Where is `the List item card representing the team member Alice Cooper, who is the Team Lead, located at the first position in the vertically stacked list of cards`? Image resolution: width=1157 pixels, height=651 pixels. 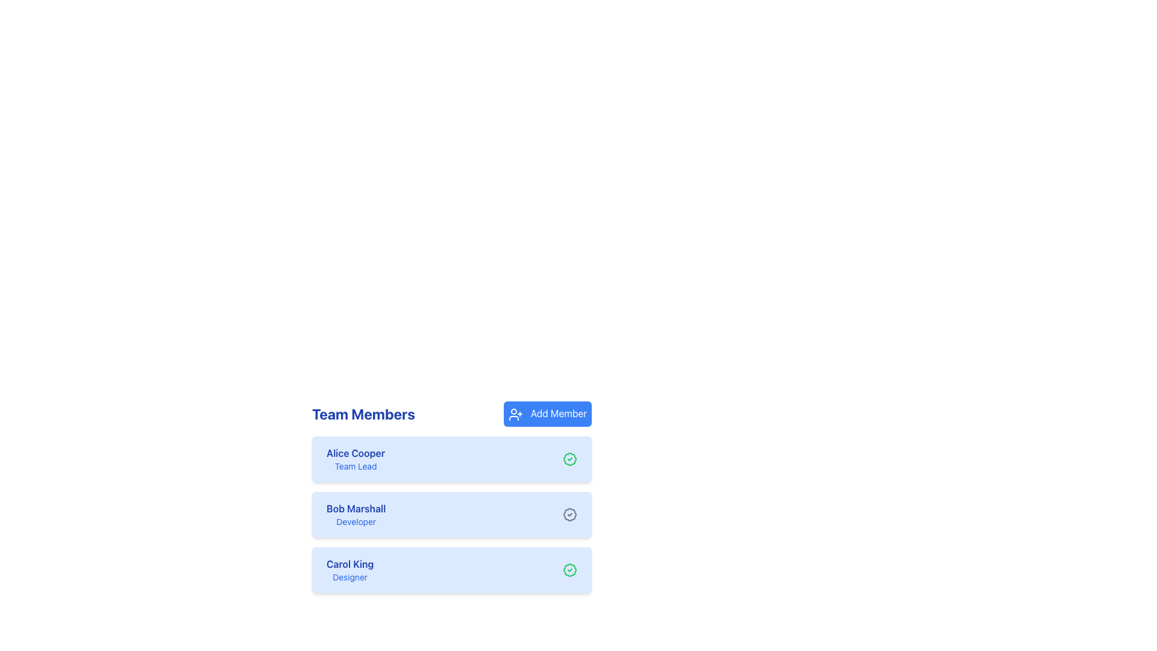
the List item card representing the team member Alice Cooper, who is the Team Lead, located at the first position in the vertically stacked list of cards is located at coordinates (451, 458).